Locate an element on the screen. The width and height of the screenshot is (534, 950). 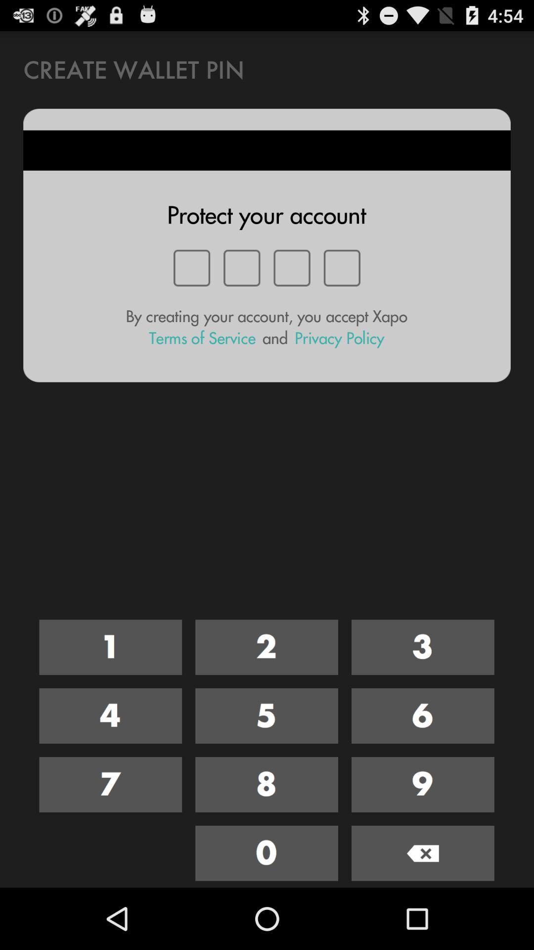
eight is located at coordinates (266, 784).